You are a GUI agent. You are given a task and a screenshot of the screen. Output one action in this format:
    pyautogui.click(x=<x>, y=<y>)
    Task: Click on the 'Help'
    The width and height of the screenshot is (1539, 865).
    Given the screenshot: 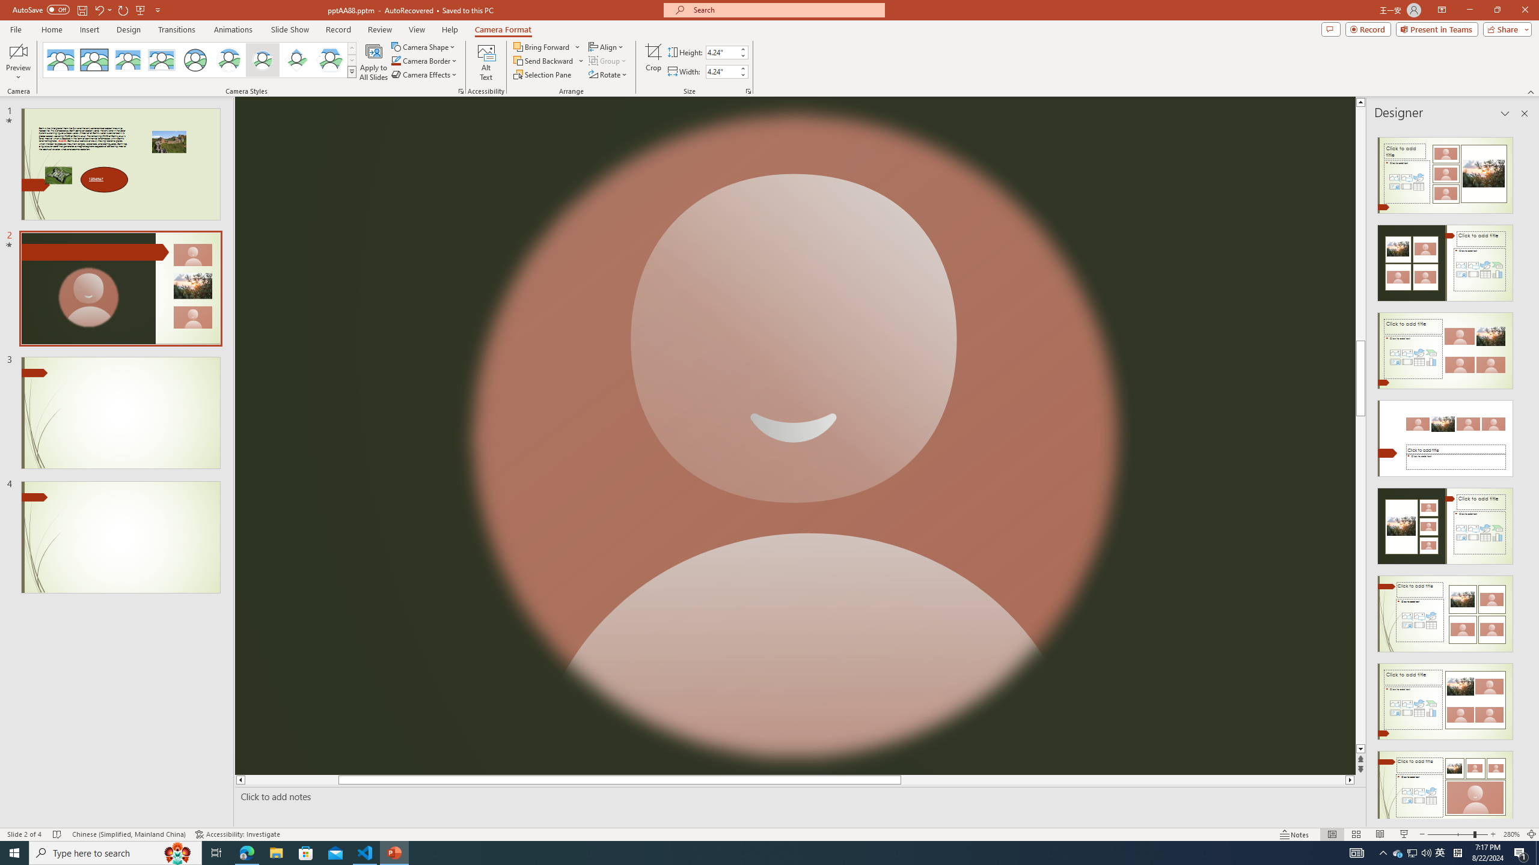 What is the action you would take?
    pyautogui.click(x=449, y=29)
    